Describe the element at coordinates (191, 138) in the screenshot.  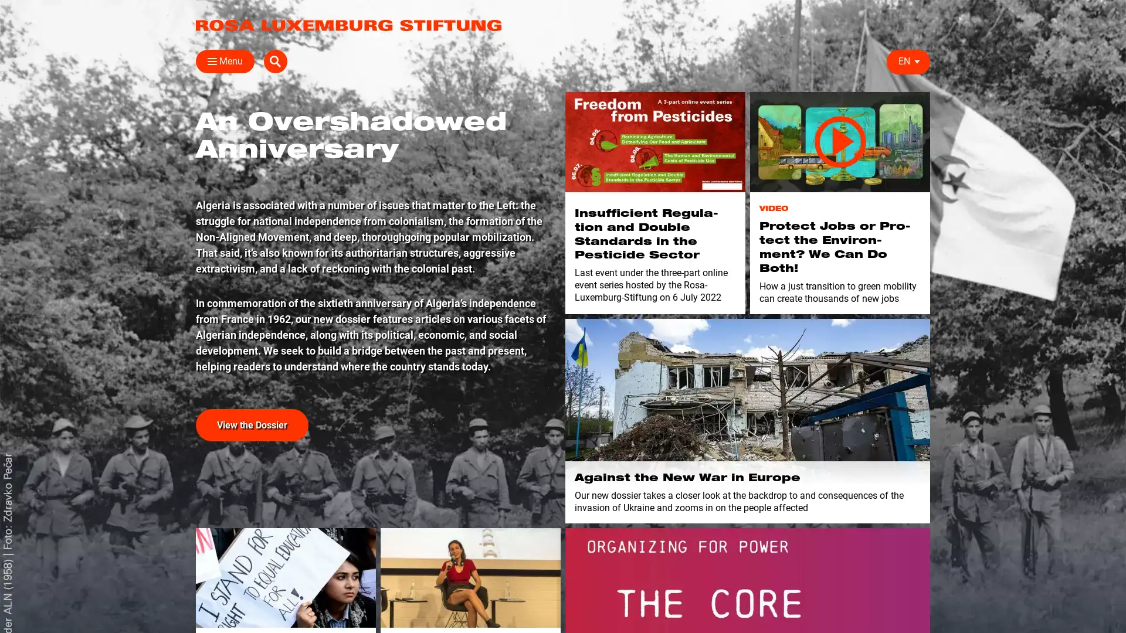
I see `Show more / less` at that location.